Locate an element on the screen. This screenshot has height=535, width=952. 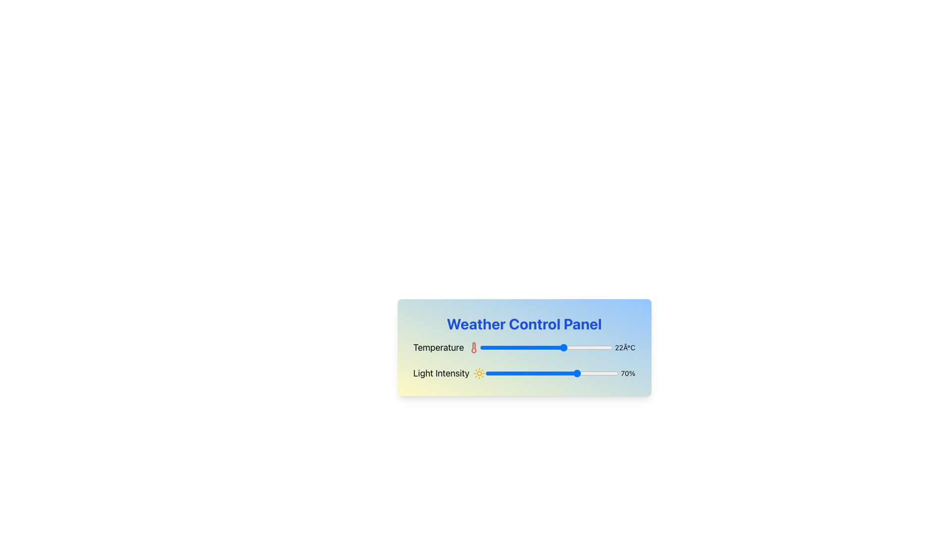
light intensity is located at coordinates (565, 373).